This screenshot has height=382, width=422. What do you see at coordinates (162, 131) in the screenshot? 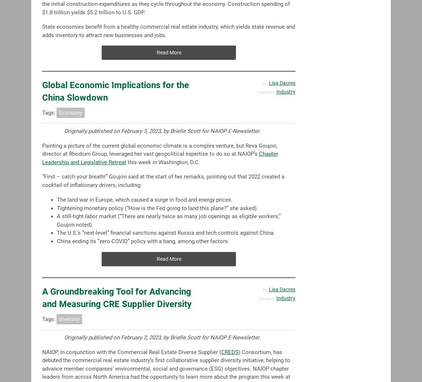
I see `'Originally published on February 3, 2023, by Brielle Scott for NAIOP E-Newsletter.'` at bounding box center [162, 131].